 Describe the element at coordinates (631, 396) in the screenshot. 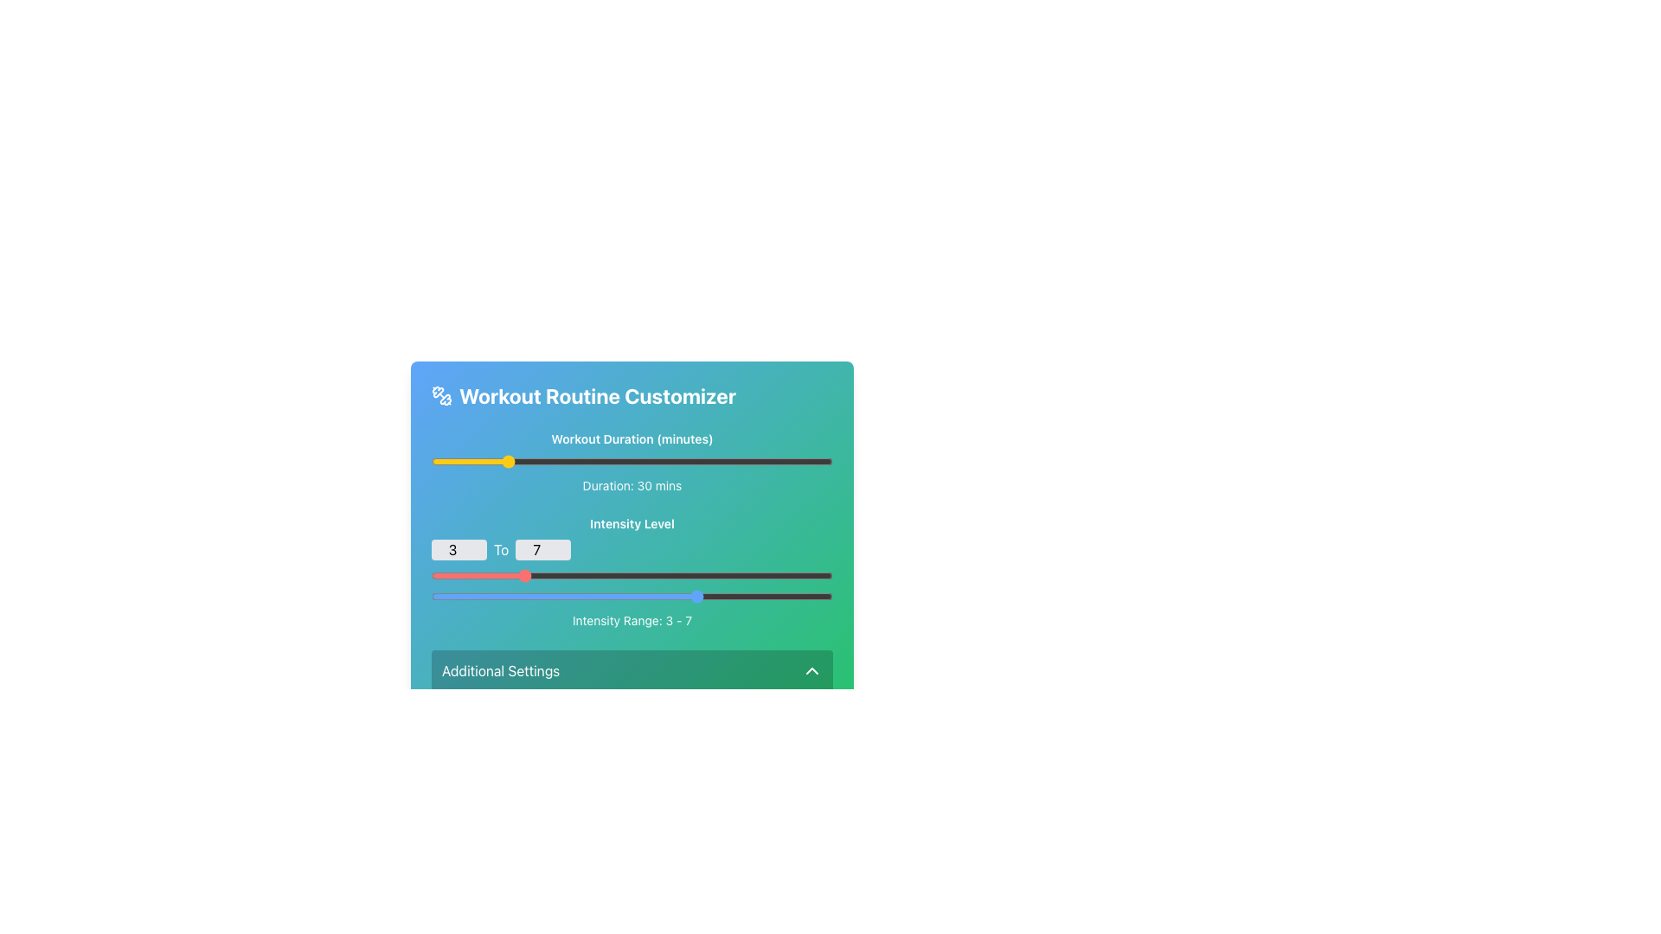

I see `text displayed in the 'Workout Routine Customizer' title section, which is a bold and large heading accompanied by a fitness-related dumbbell icon` at that location.